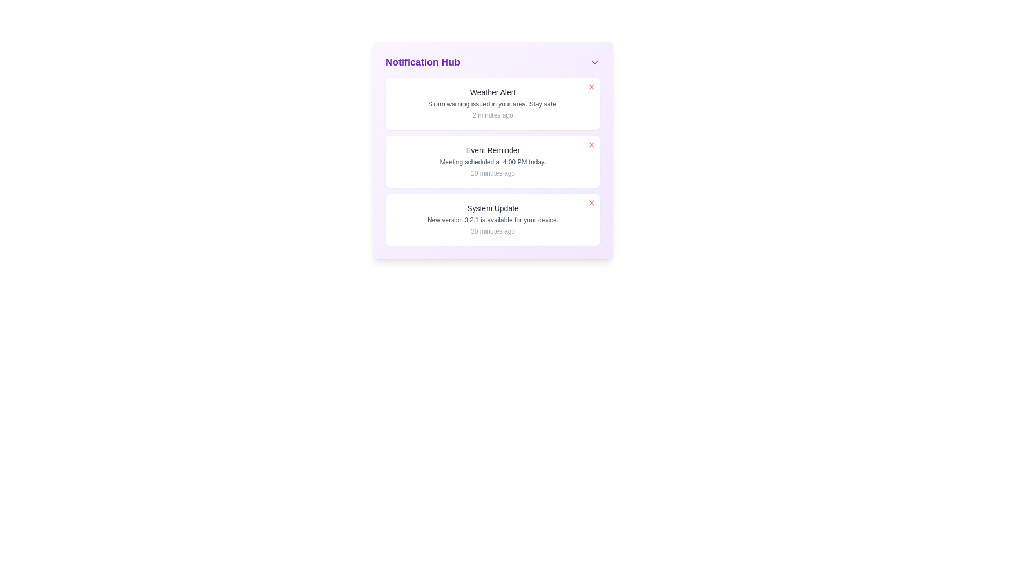 The height and width of the screenshot is (580, 1031). Describe the element at coordinates (492, 104) in the screenshot. I see `the 'Weather Alert' notification card which has a white background, rounded corners, and a red interactive icon in the top-right corner` at that location.